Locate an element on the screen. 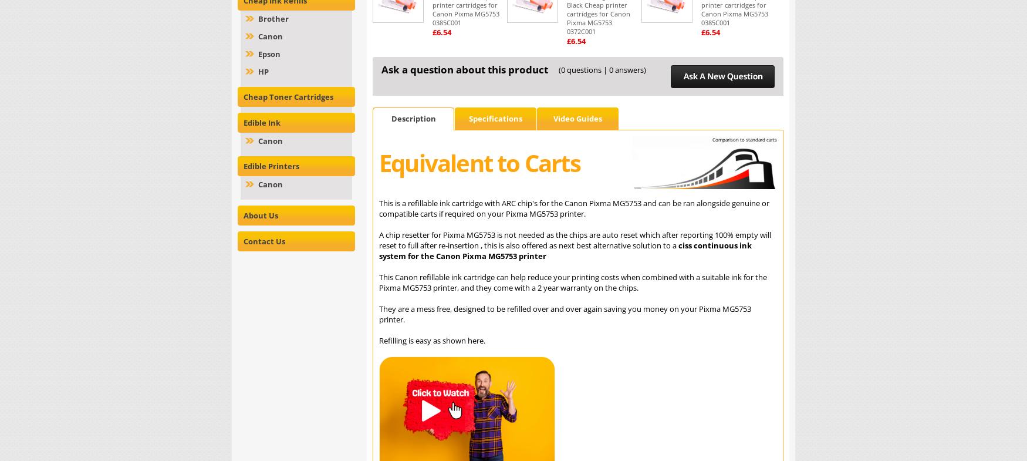 The width and height of the screenshot is (1027, 461). 'Cheap Toner Cartridges' is located at coordinates (288, 96).